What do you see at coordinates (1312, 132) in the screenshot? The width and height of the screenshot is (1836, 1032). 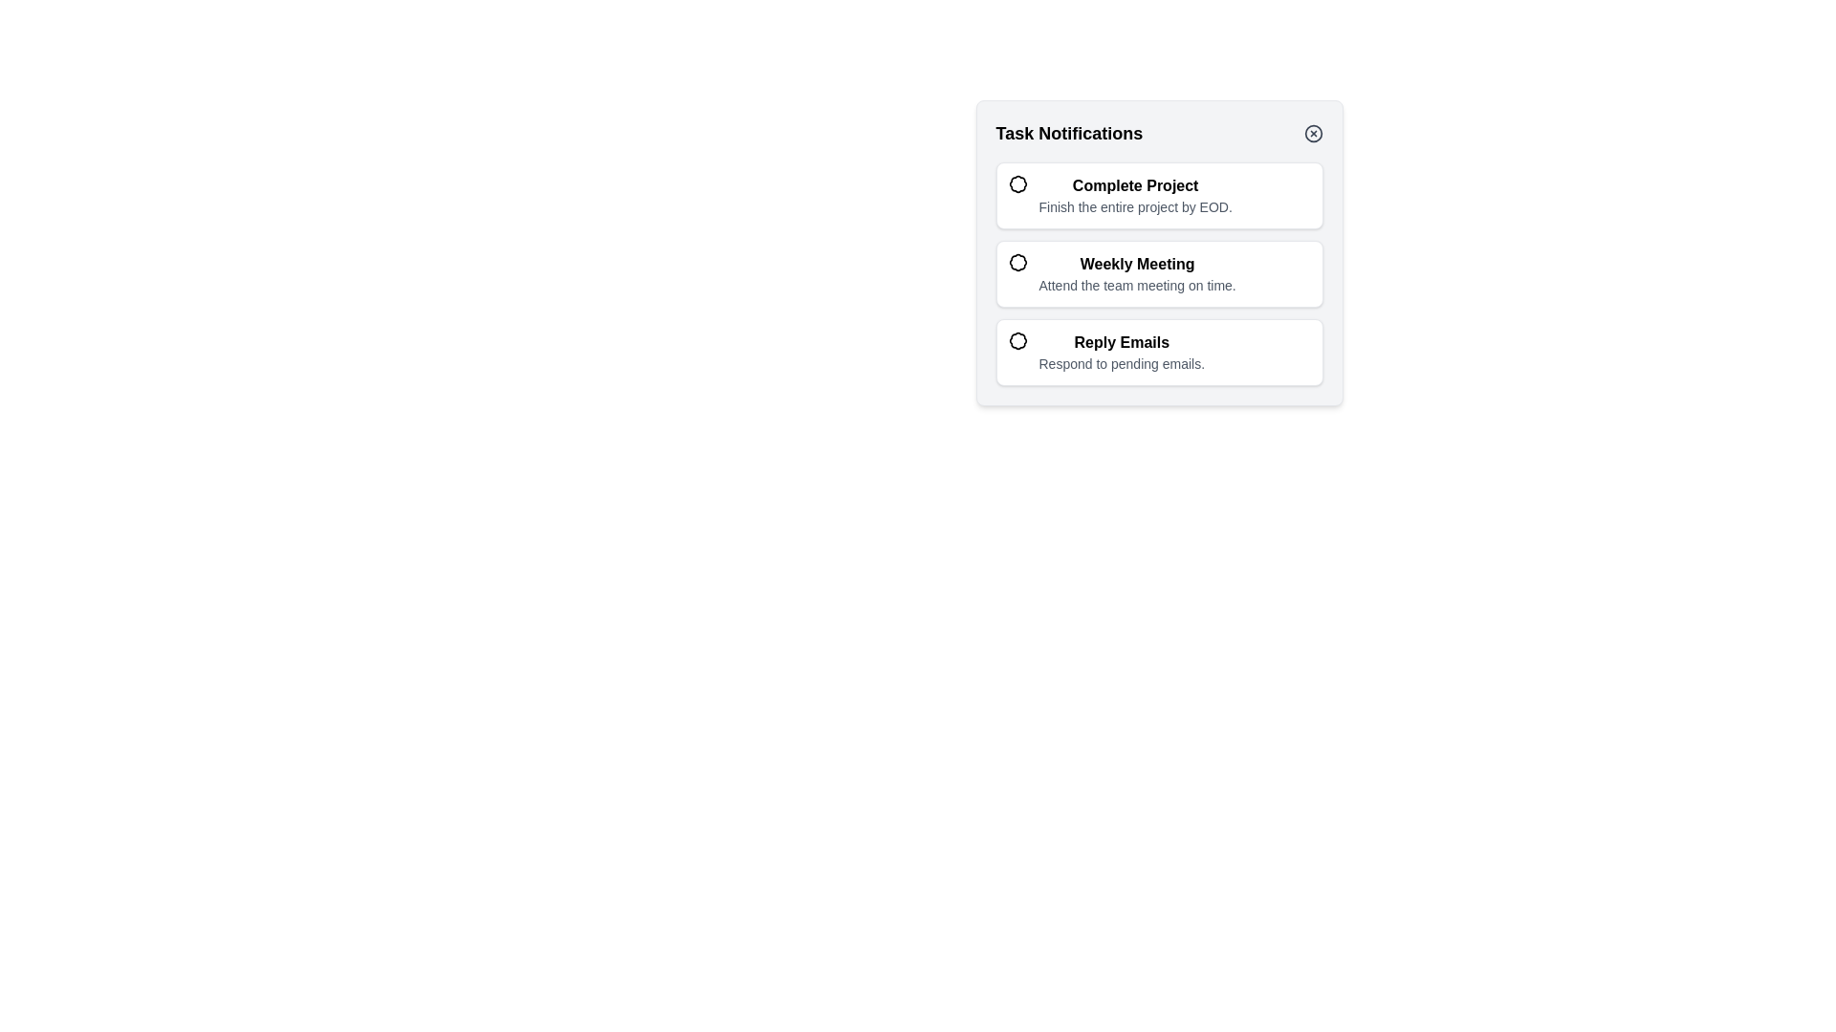 I see `the decorative Circle SVG element located at the top-right corner of the notification panel, which forms the outer boundary of the close icon` at bounding box center [1312, 132].